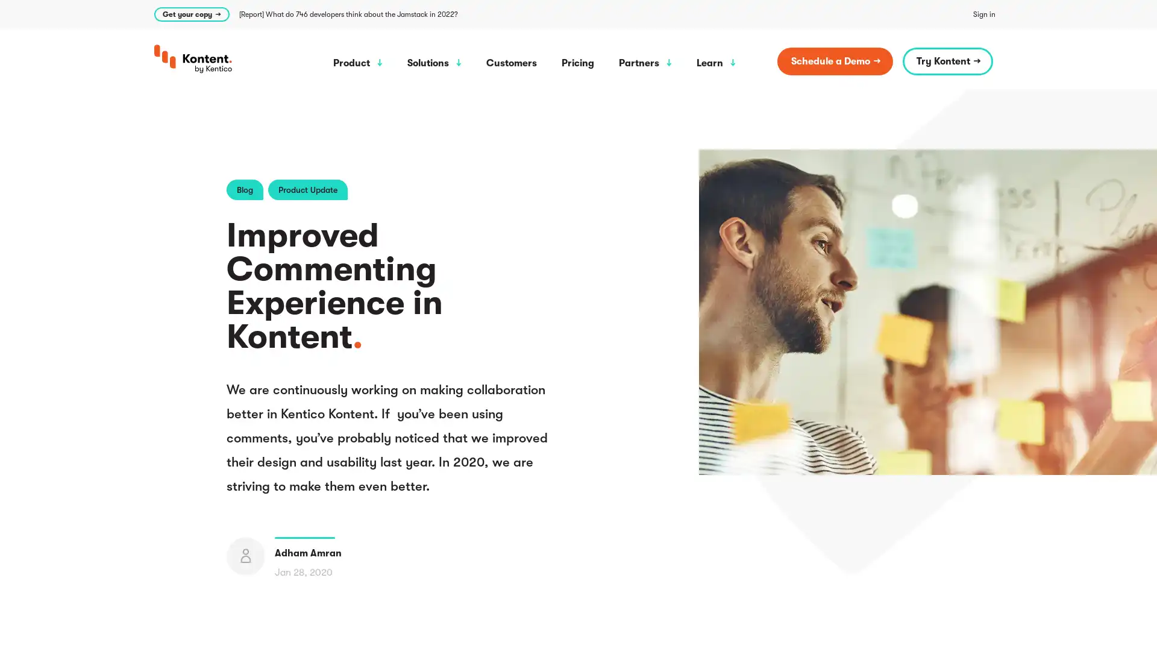 This screenshot has width=1157, height=651. Describe the element at coordinates (772, 294) in the screenshot. I see `Cookie settings` at that location.